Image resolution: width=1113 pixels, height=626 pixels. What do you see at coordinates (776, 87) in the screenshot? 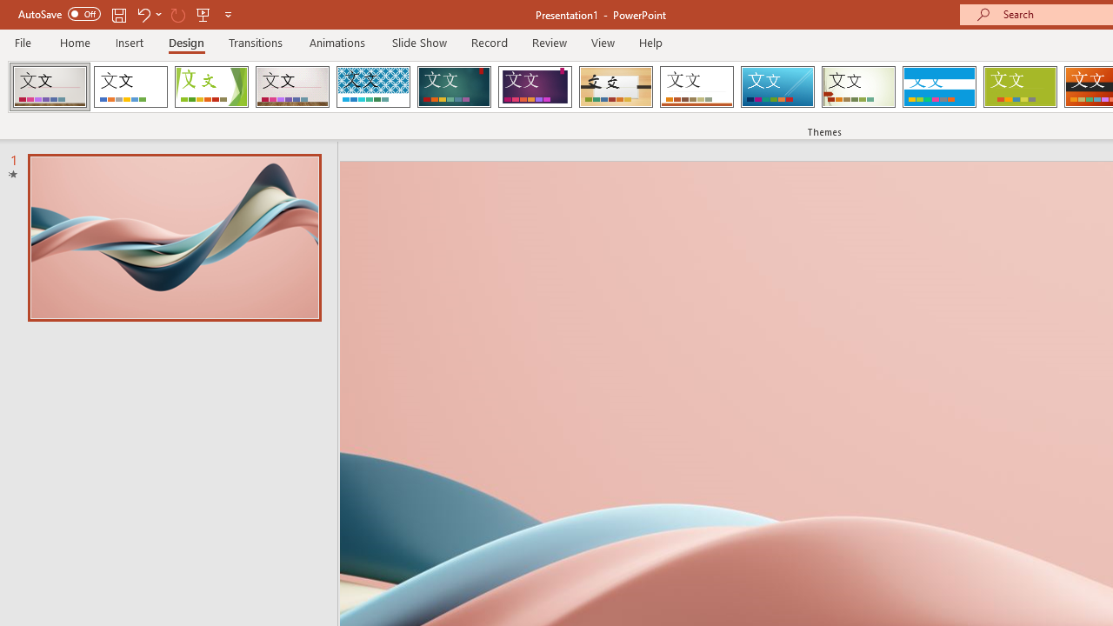
I see `'Slice'` at bounding box center [776, 87].